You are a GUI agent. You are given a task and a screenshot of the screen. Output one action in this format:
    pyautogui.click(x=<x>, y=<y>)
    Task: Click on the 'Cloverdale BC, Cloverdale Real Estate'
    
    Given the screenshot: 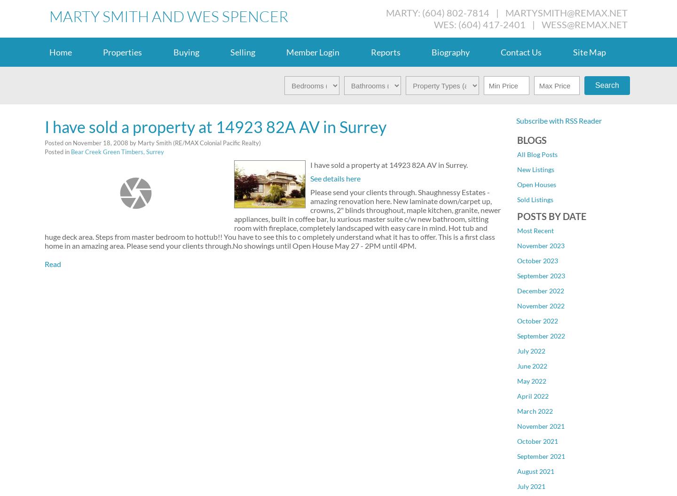 What is the action you would take?
    pyautogui.click(x=572, y=107)
    